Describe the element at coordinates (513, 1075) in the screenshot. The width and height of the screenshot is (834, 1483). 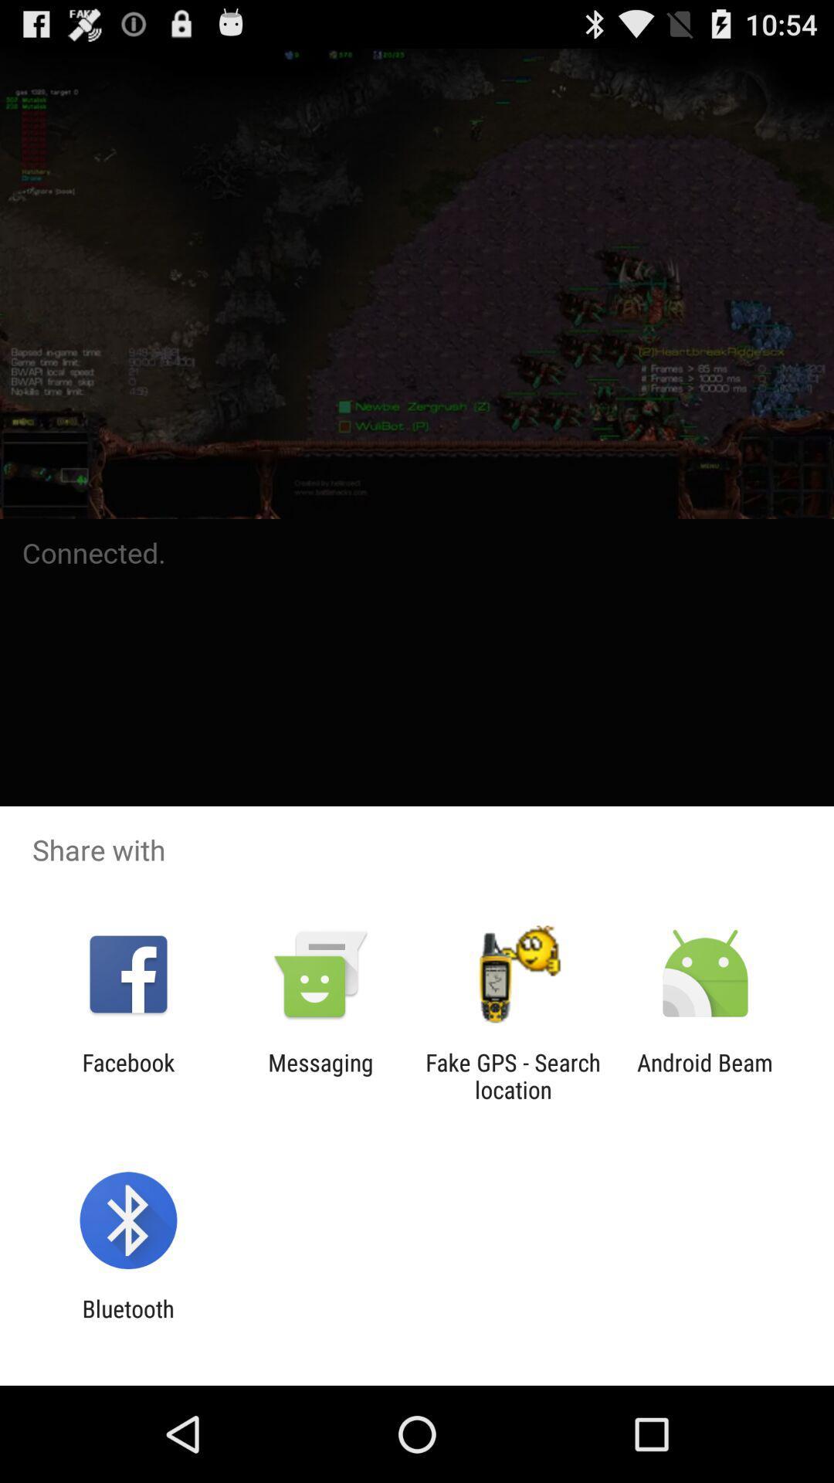
I see `item to the left of android beam app` at that location.